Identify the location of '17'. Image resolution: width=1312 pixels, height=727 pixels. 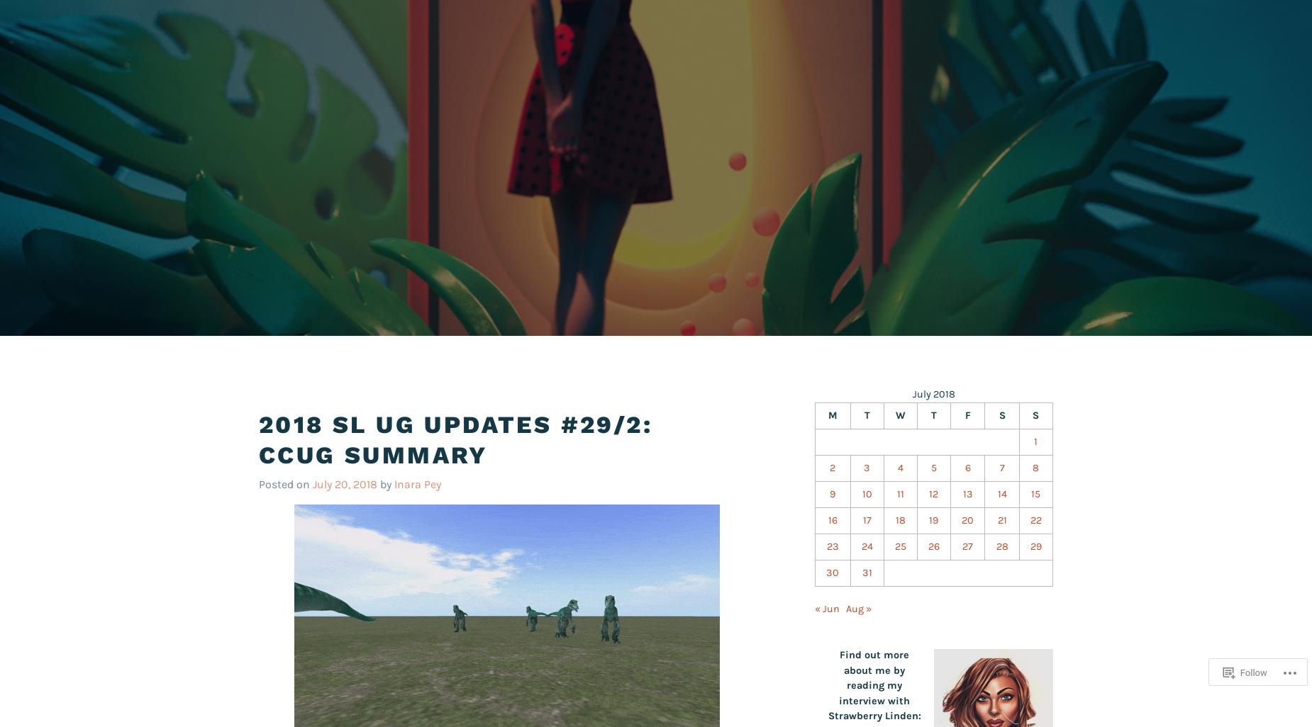
(865, 519).